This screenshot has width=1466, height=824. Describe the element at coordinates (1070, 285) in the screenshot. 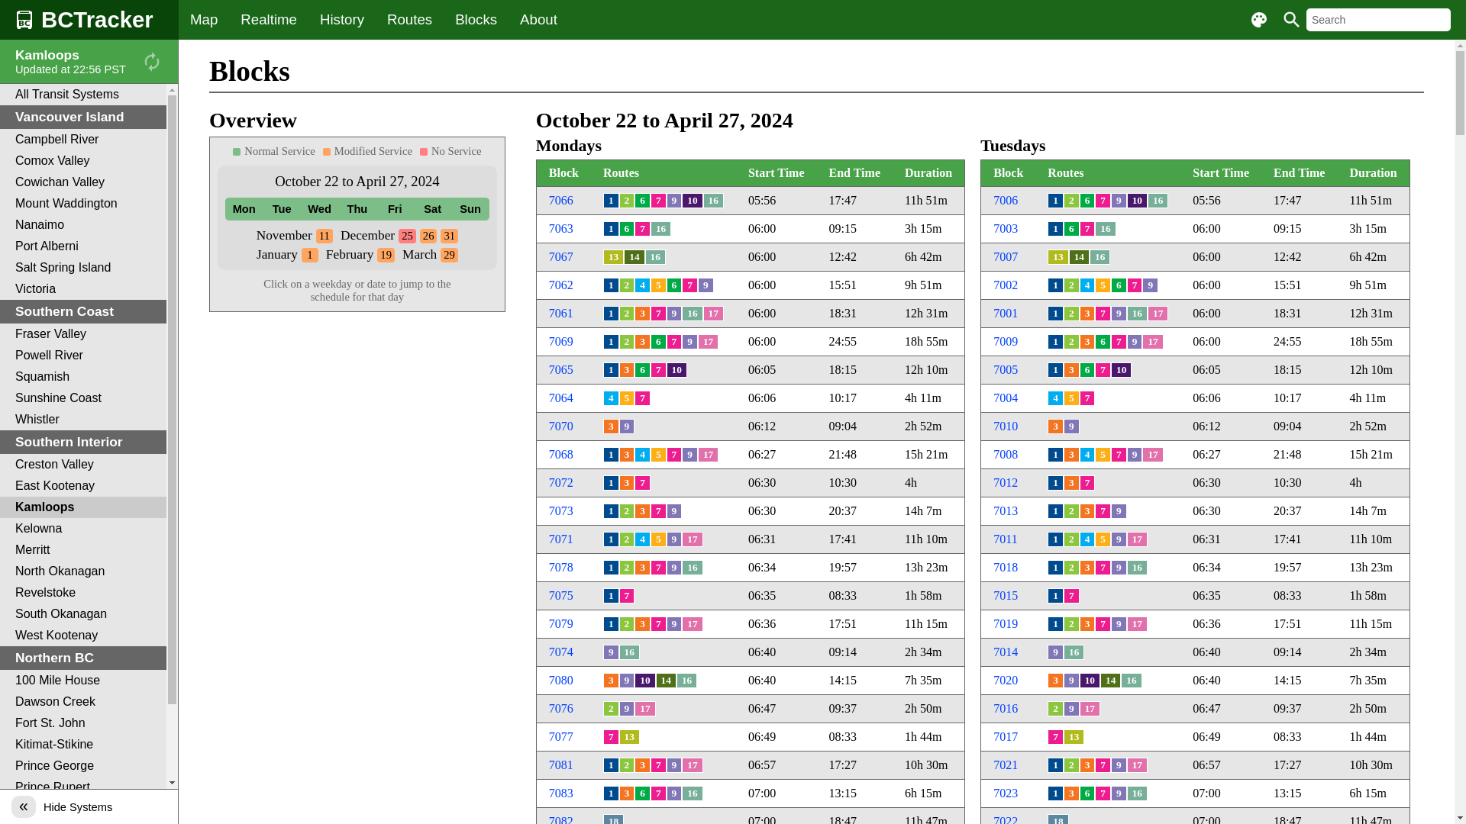

I see `'2'` at that location.